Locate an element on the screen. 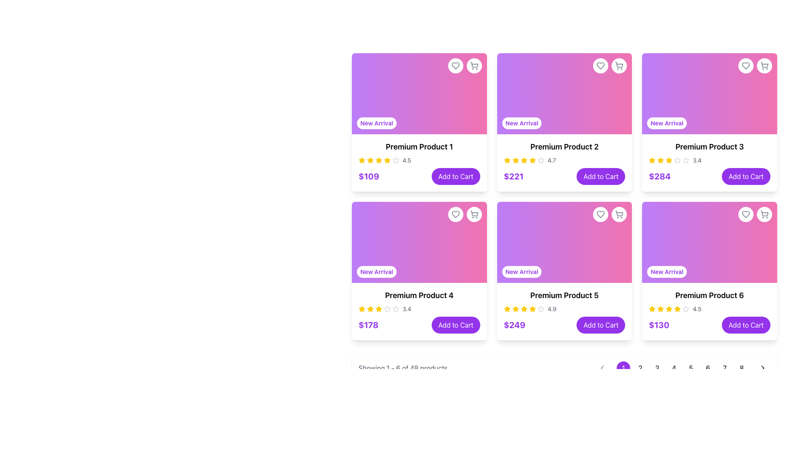 The height and width of the screenshot is (456, 811). the 'Add to Cart' button which is a rounded button with a purple background and white text, located in the third card of the first row of the product grid layout is located at coordinates (746, 176).